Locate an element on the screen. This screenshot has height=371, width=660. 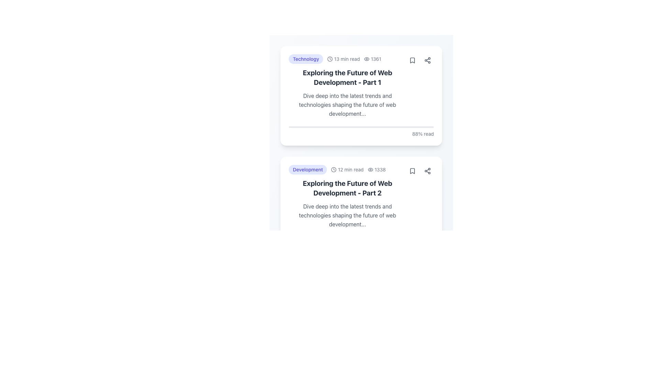
informational text displaying '13 min read' located between the label 'Technology' and the numerical indicator '1361', positioned at the center top of the card is located at coordinates (343, 59).